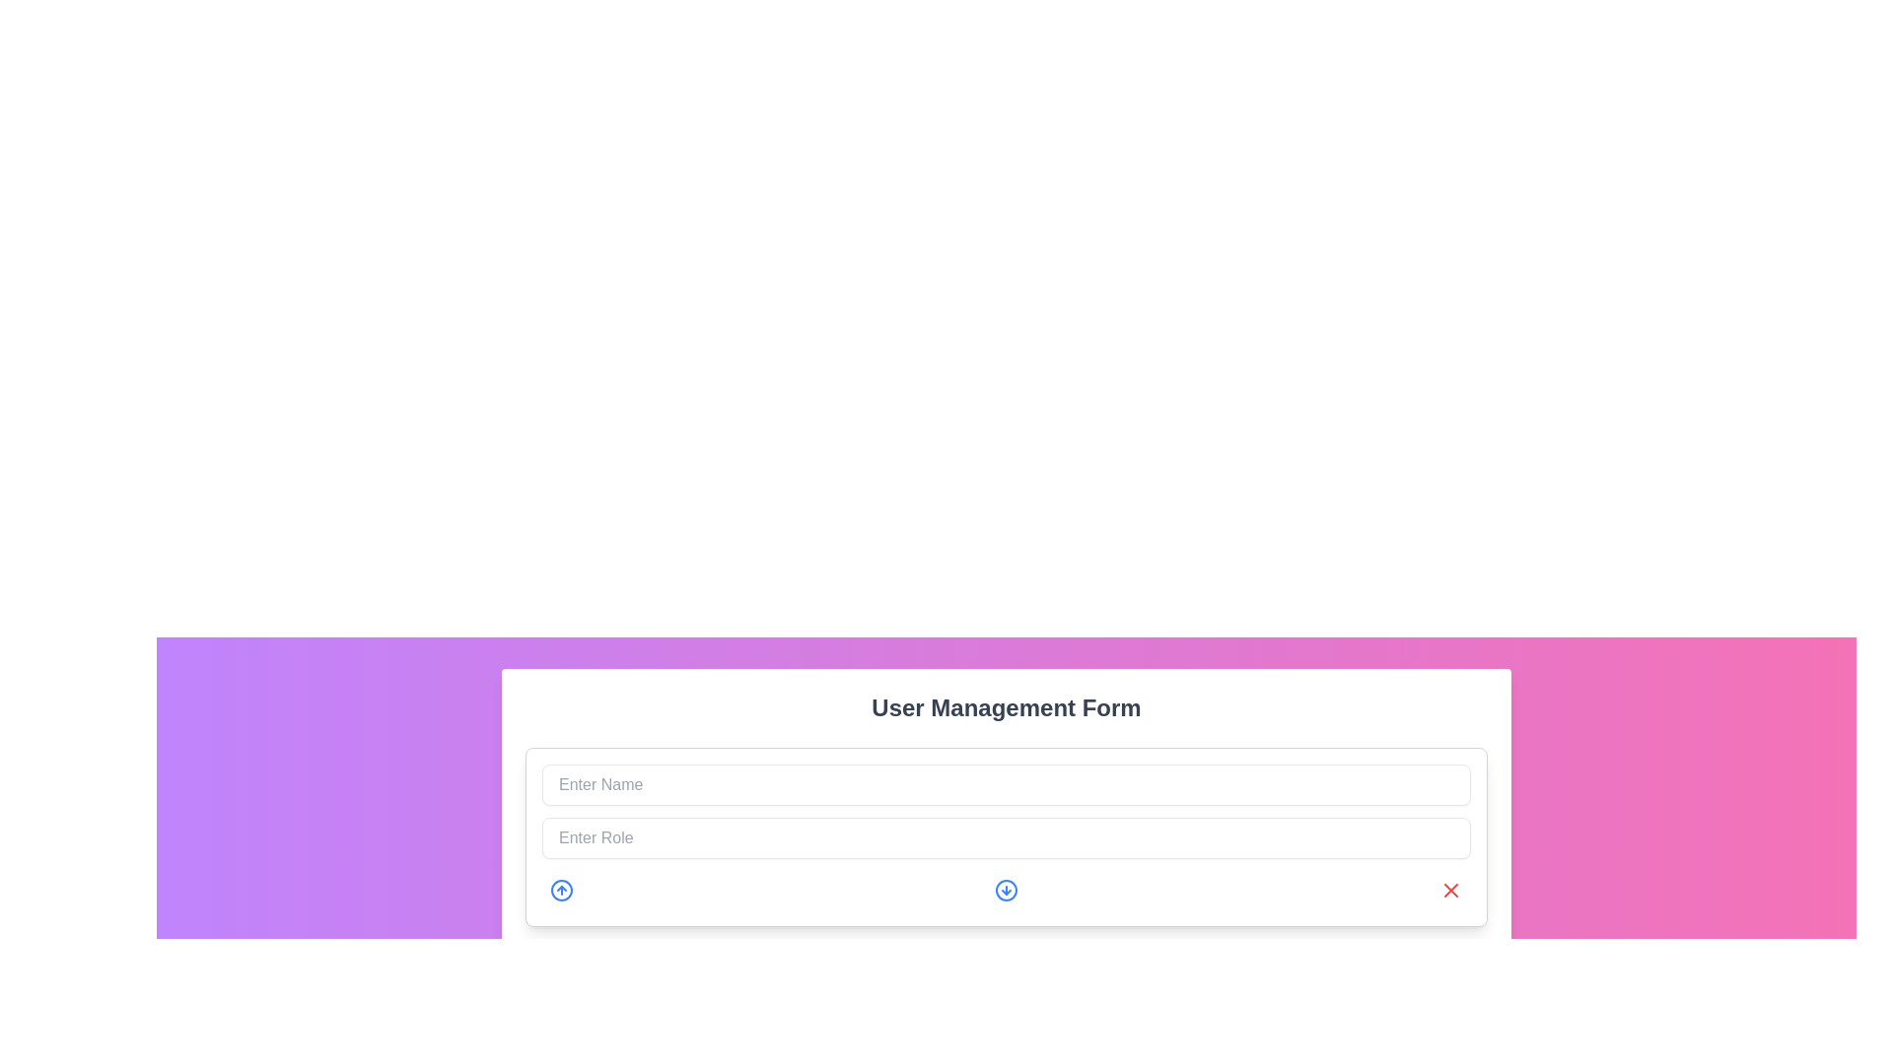 The width and height of the screenshot is (1893, 1064). Describe the element at coordinates (561, 890) in the screenshot. I see `the button with an arrow icon located below the 'Enter Role' text input field` at that location.